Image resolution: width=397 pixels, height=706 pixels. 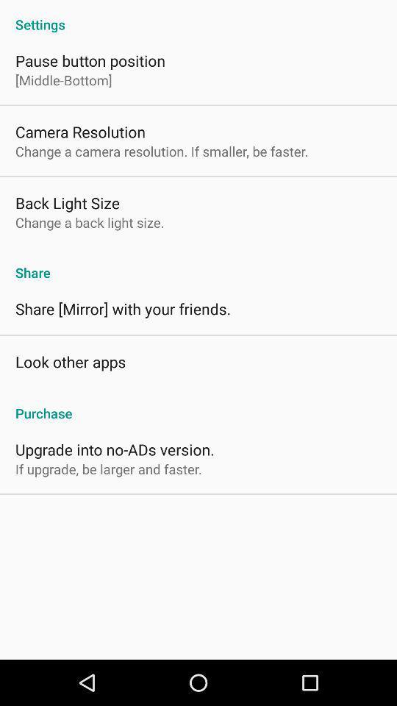 What do you see at coordinates (198, 15) in the screenshot?
I see `settings item` at bounding box center [198, 15].